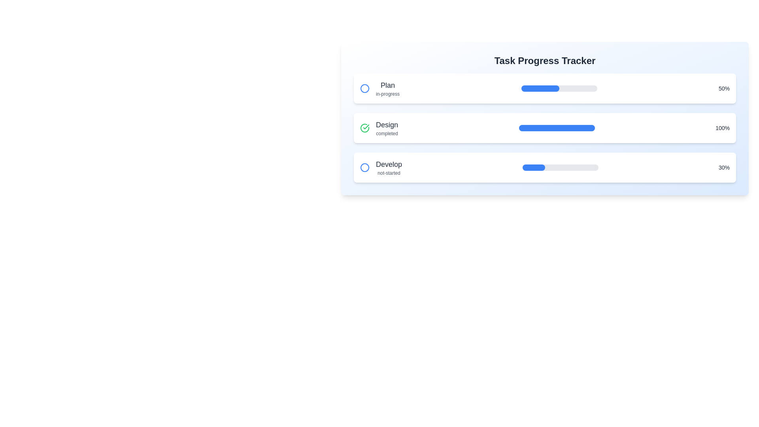 The image size is (759, 427). What do you see at coordinates (387, 88) in the screenshot?
I see `the status label for the task named 'Plan'` at bounding box center [387, 88].